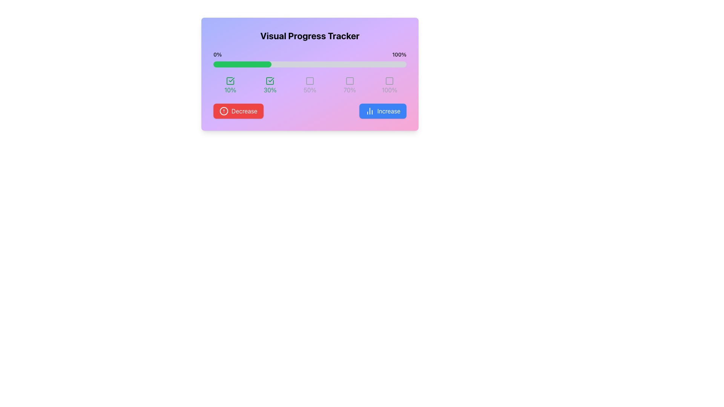 This screenshot has height=407, width=724. I want to click on the third progress item in the grid layout of the 'Visual Progress Tracker', which displays '50%', so click(310, 85).